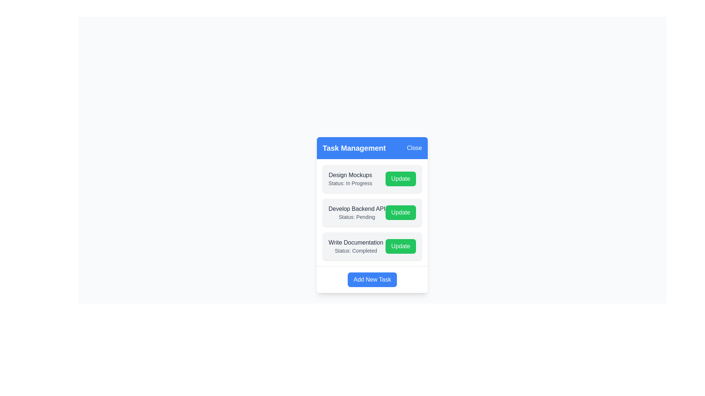  Describe the element at coordinates (356, 242) in the screenshot. I see `the task name 'Write Documentation' to select its text` at that location.